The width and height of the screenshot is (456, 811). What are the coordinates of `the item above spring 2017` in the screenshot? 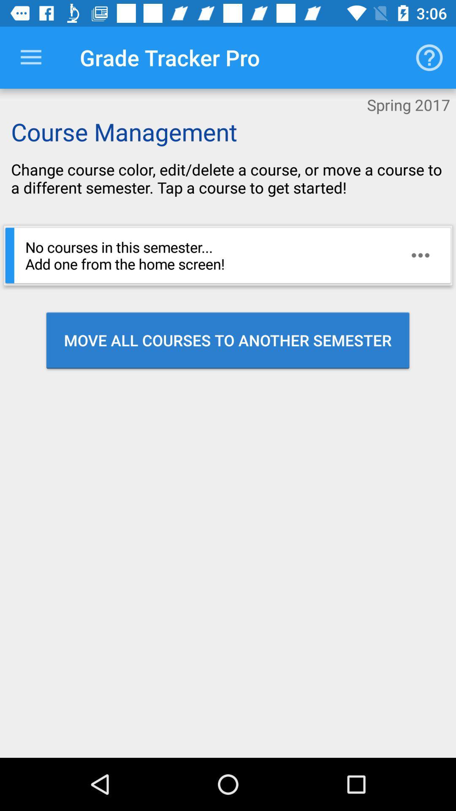 It's located at (429, 57).